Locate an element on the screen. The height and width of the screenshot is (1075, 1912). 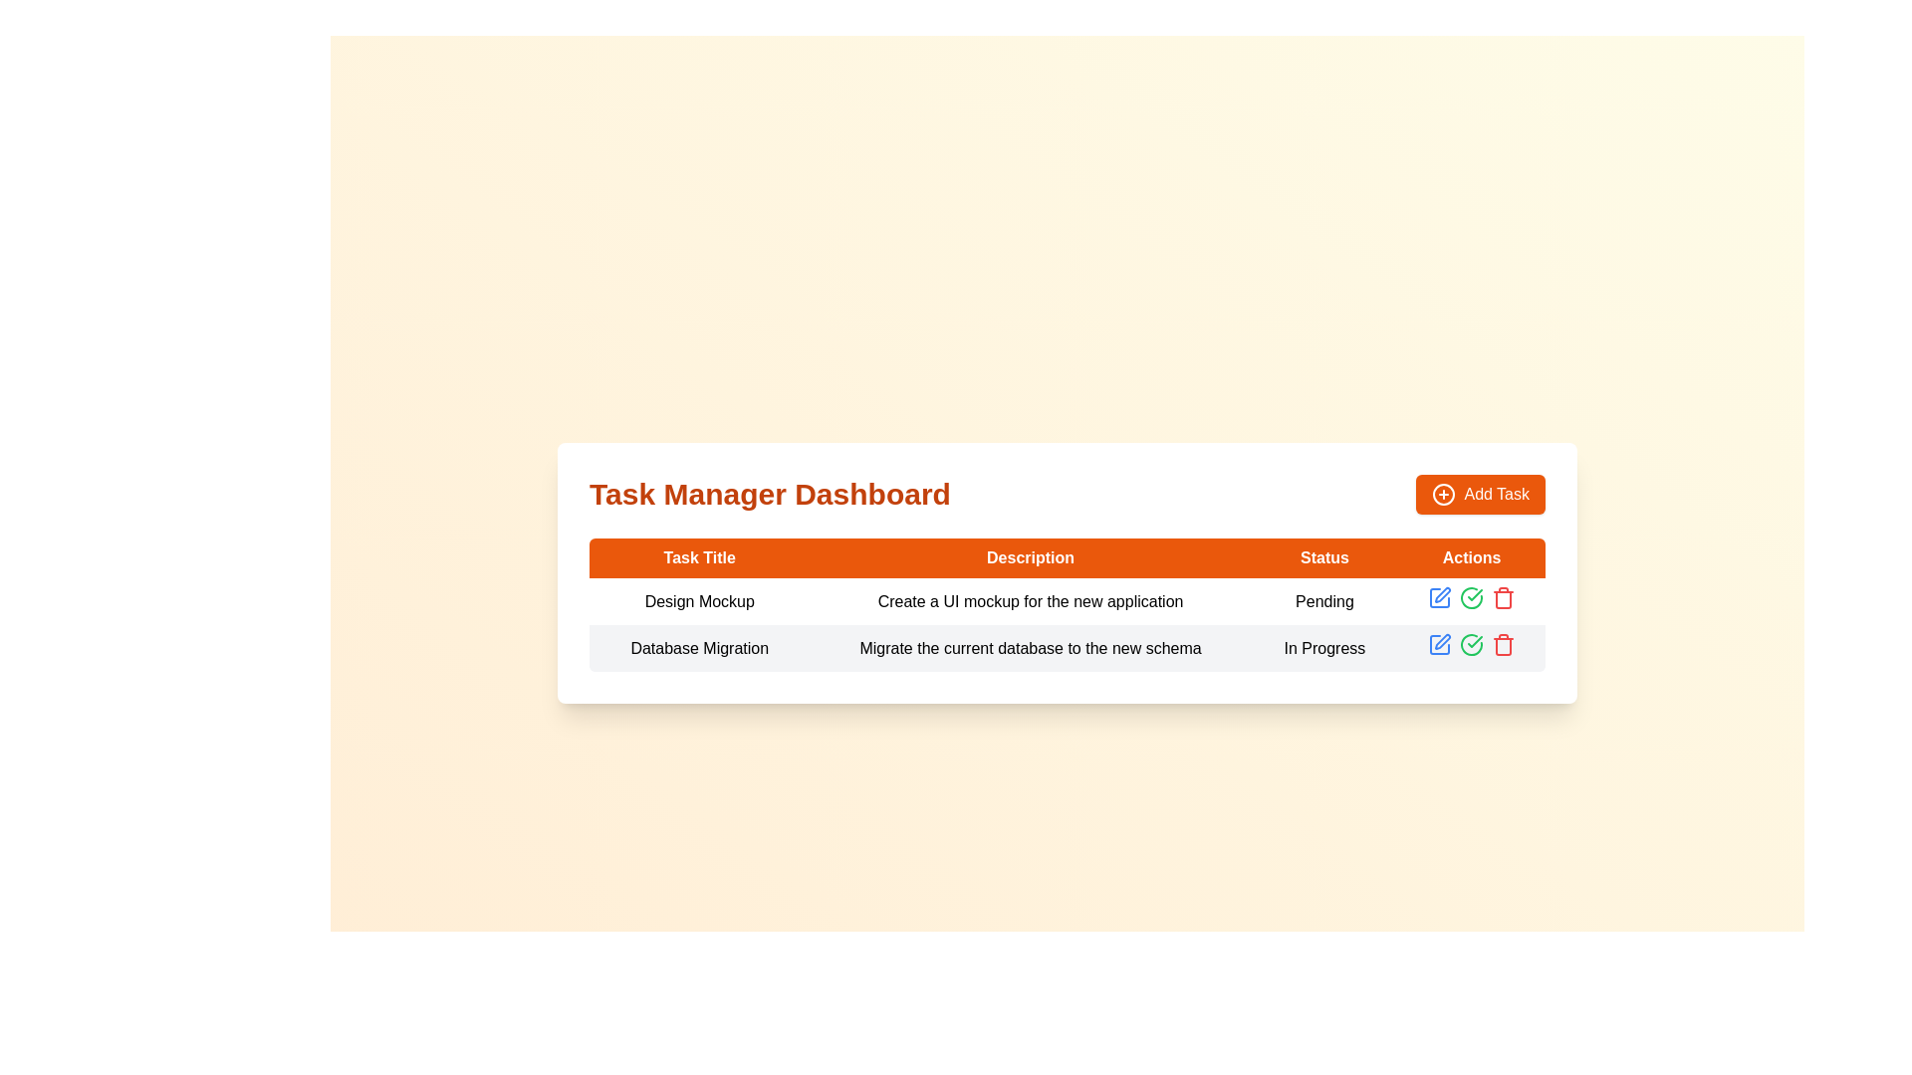
the delete icon corresponding to the 'Database Migration' task in the 'Actions' column is located at coordinates (1504, 597).